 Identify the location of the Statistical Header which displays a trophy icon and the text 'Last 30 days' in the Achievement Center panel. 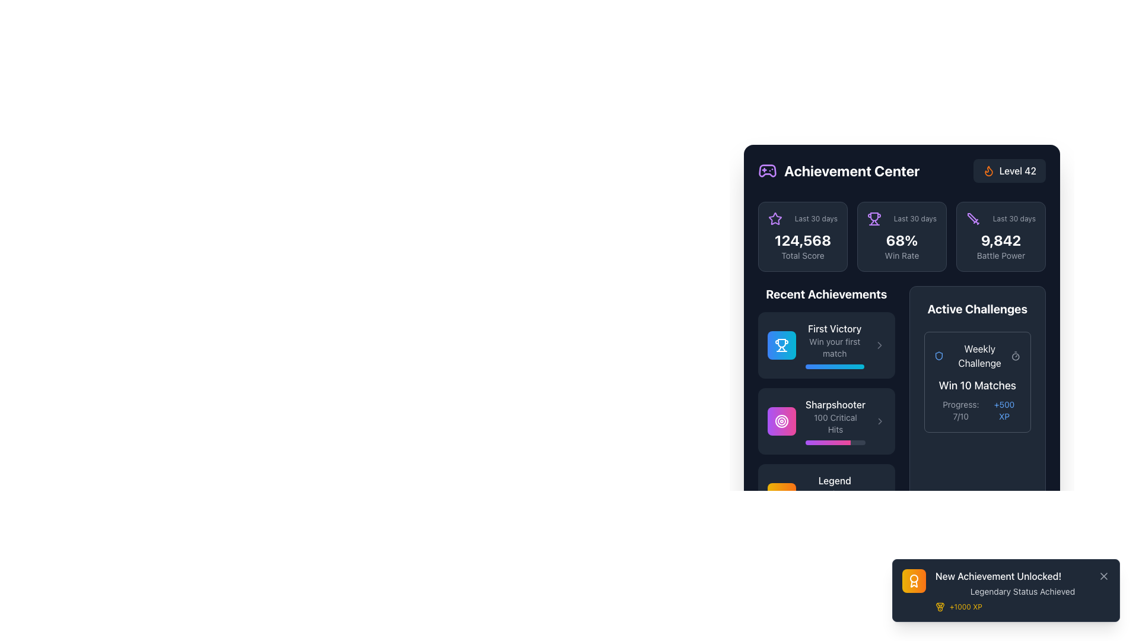
(902, 219).